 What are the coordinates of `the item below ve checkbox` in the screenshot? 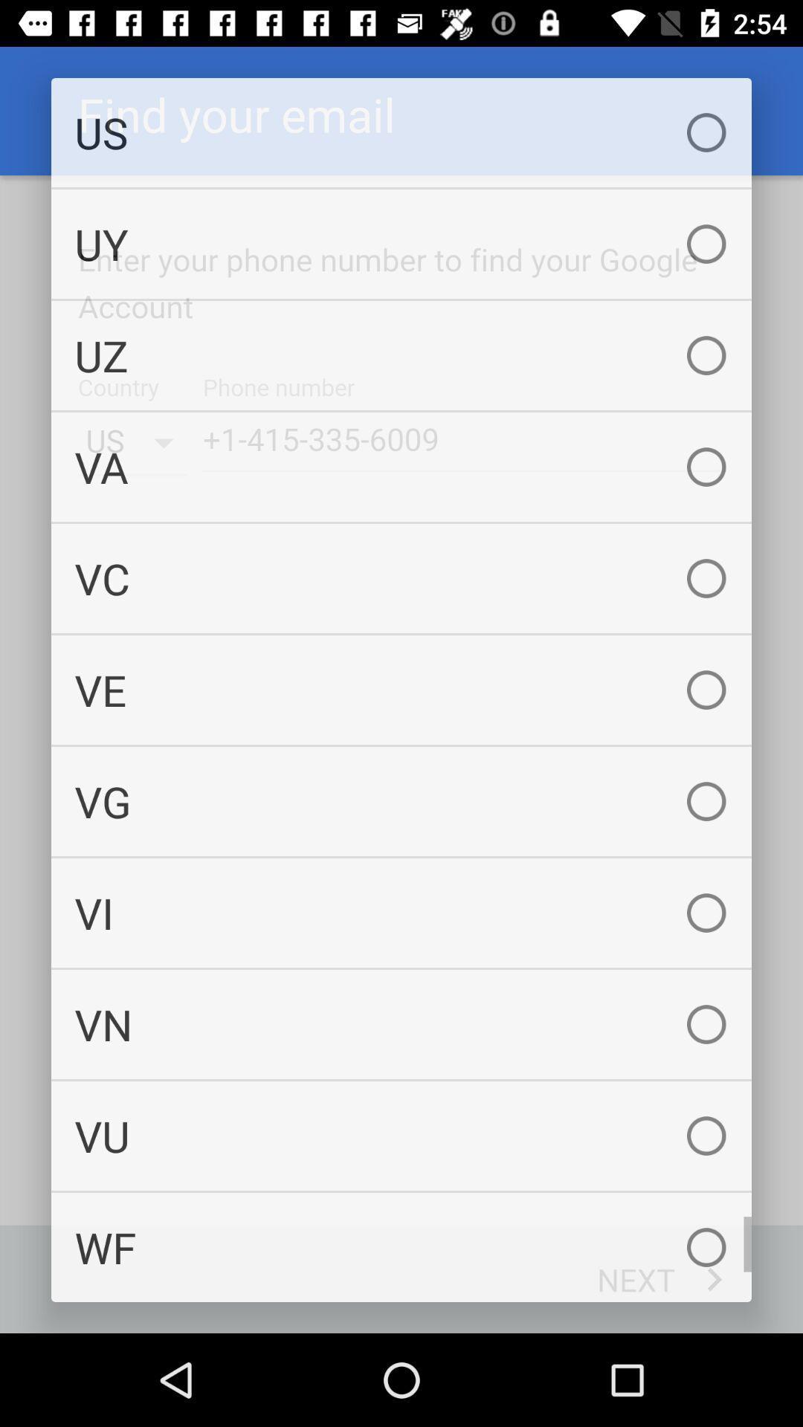 It's located at (401, 800).